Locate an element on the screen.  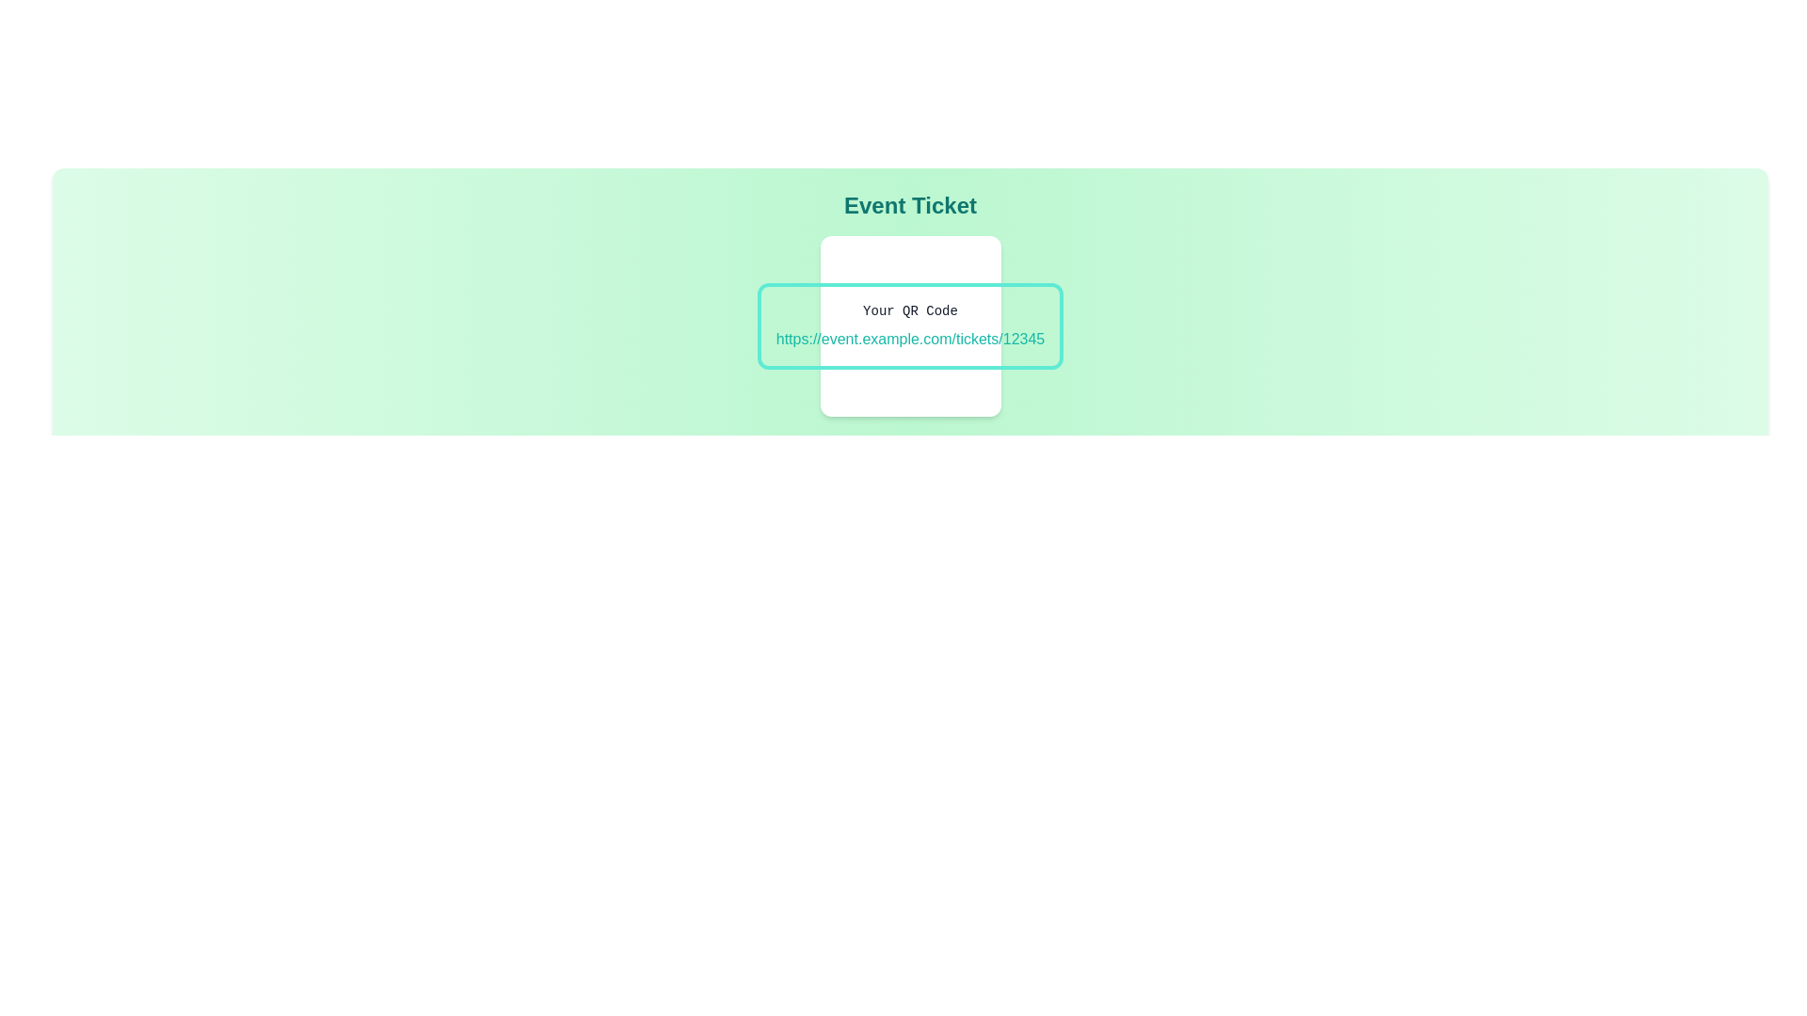
the URL displaying 'https://event.example.com/tickets/12345', which is styled as a clickable link beneath the title 'Your QR Code' is located at coordinates (910, 340).